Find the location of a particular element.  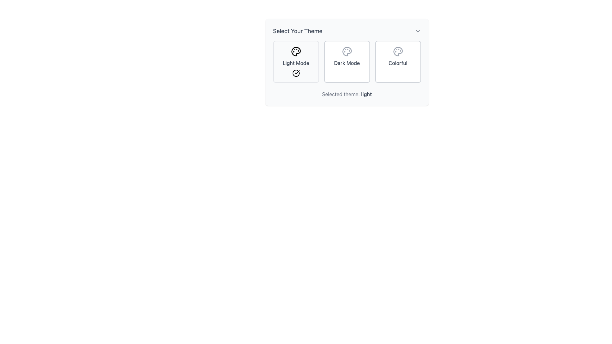

the 'Light Mode' text label, which is displayed in a medium-sized gray font within the theme selection interface, located at the bottom-center of the 'Light Mode' option card is located at coordinates (295, 63).